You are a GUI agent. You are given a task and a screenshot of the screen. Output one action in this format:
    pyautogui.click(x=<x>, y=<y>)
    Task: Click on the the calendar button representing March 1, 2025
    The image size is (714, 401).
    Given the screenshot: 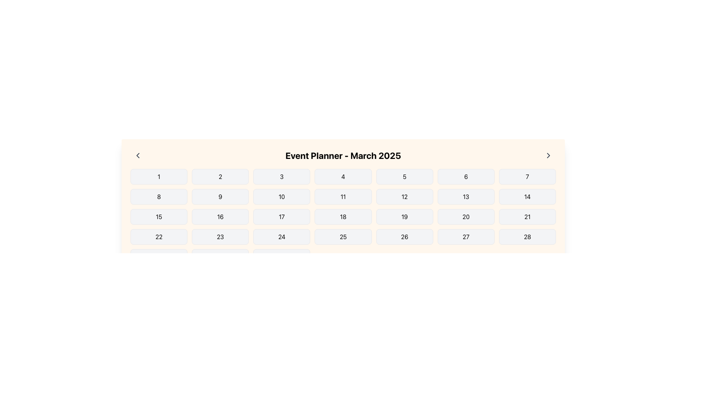 What is the action you would take?
    pyautogui.click(x=158, y=176)
    